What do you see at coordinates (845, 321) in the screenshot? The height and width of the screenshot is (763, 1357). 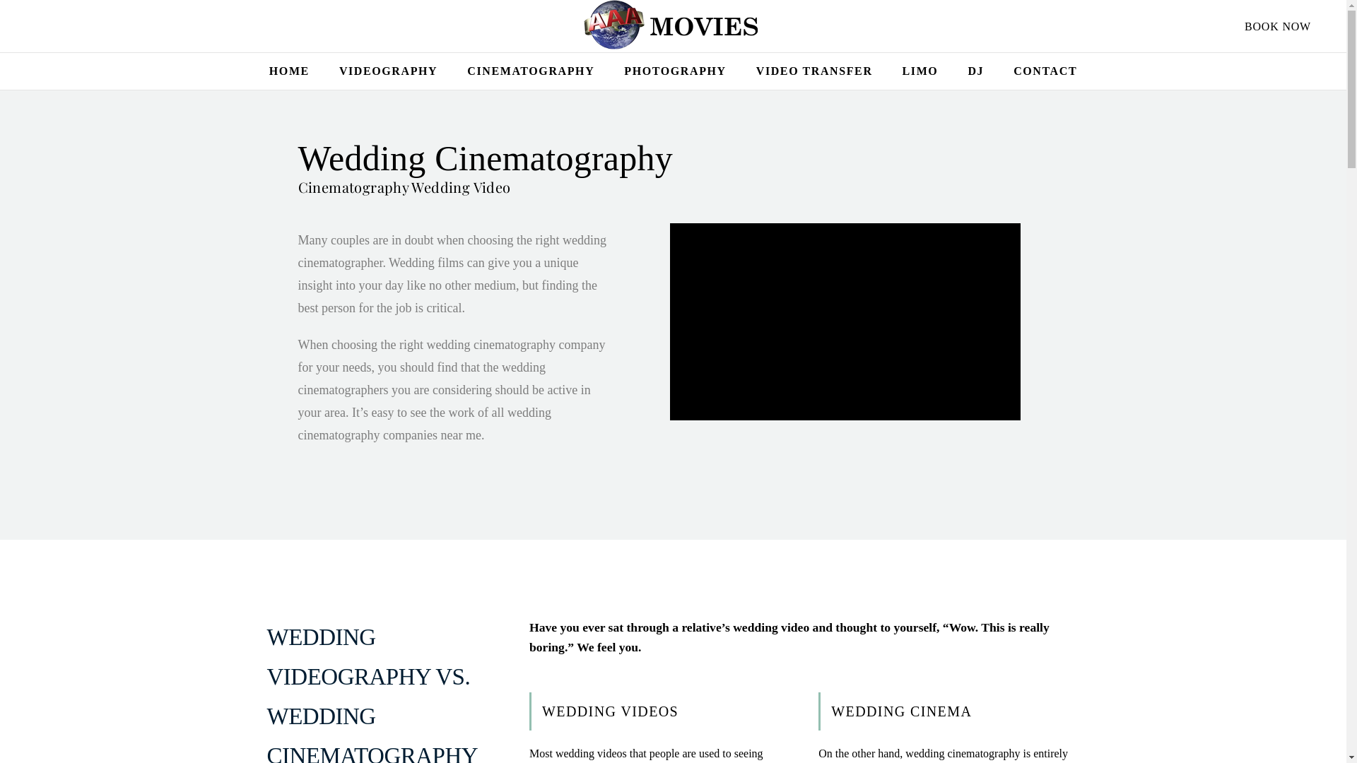 I see `'vimeo Video Player'` at bounding box center [845, 321].